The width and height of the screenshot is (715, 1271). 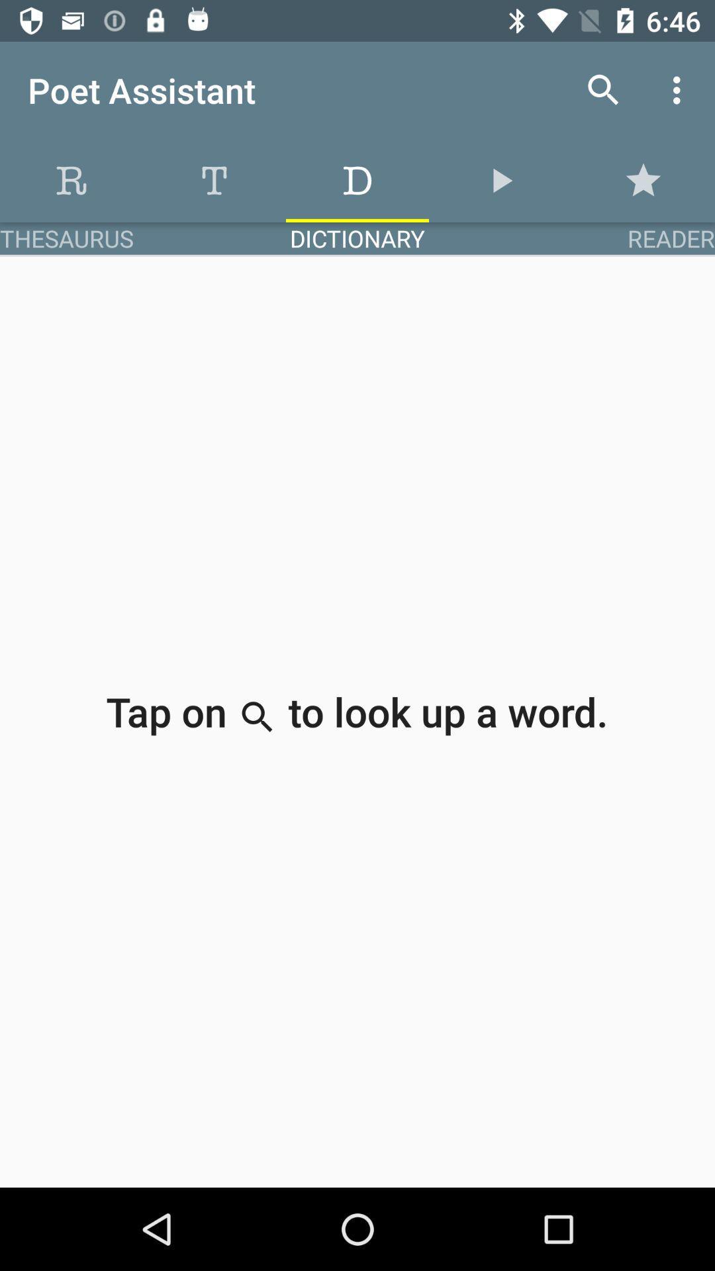 I want to click on item next to the poet assistant, so click(x=603, y=89).